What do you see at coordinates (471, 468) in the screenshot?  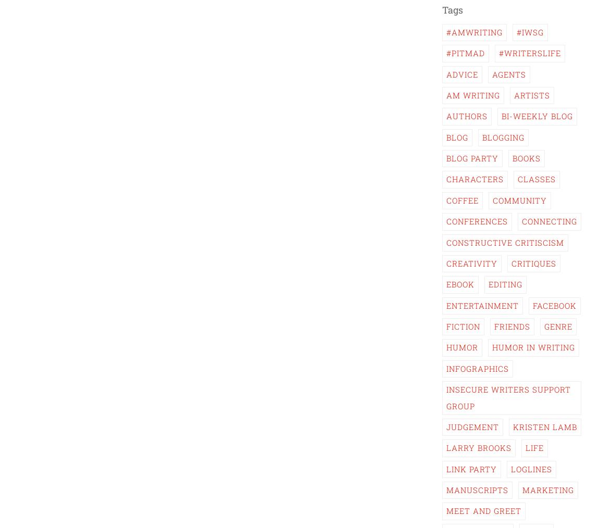 I see `'link party'` at bounding box center [471, 468].